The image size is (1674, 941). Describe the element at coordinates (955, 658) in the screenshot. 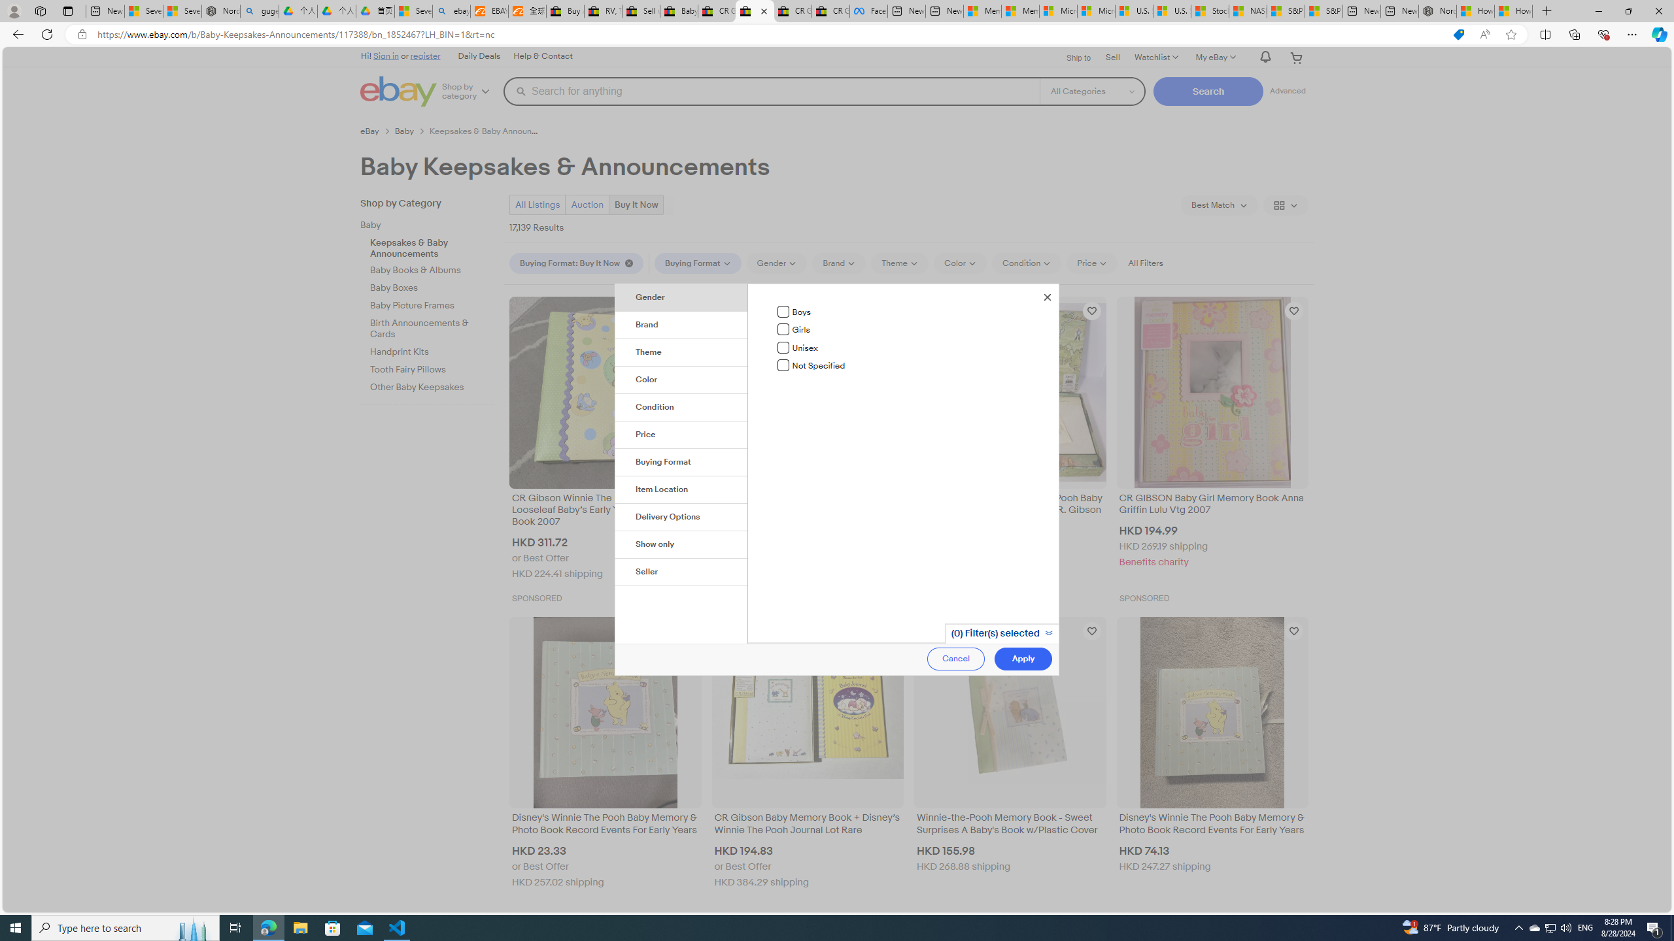

I see `'Cancel'` at that location.